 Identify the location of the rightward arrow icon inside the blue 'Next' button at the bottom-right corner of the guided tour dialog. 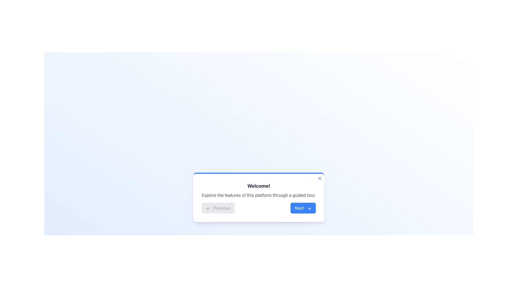
(309, 208).